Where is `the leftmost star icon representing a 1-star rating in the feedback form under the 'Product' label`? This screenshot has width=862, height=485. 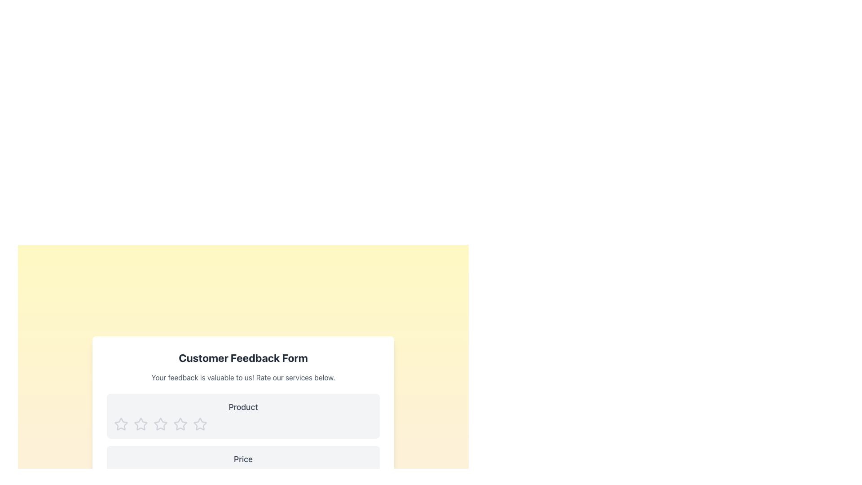 the leftmost star icon representing a 1-star rating in the feedback form under the 'Product' label is located at coordinates (140, 424).